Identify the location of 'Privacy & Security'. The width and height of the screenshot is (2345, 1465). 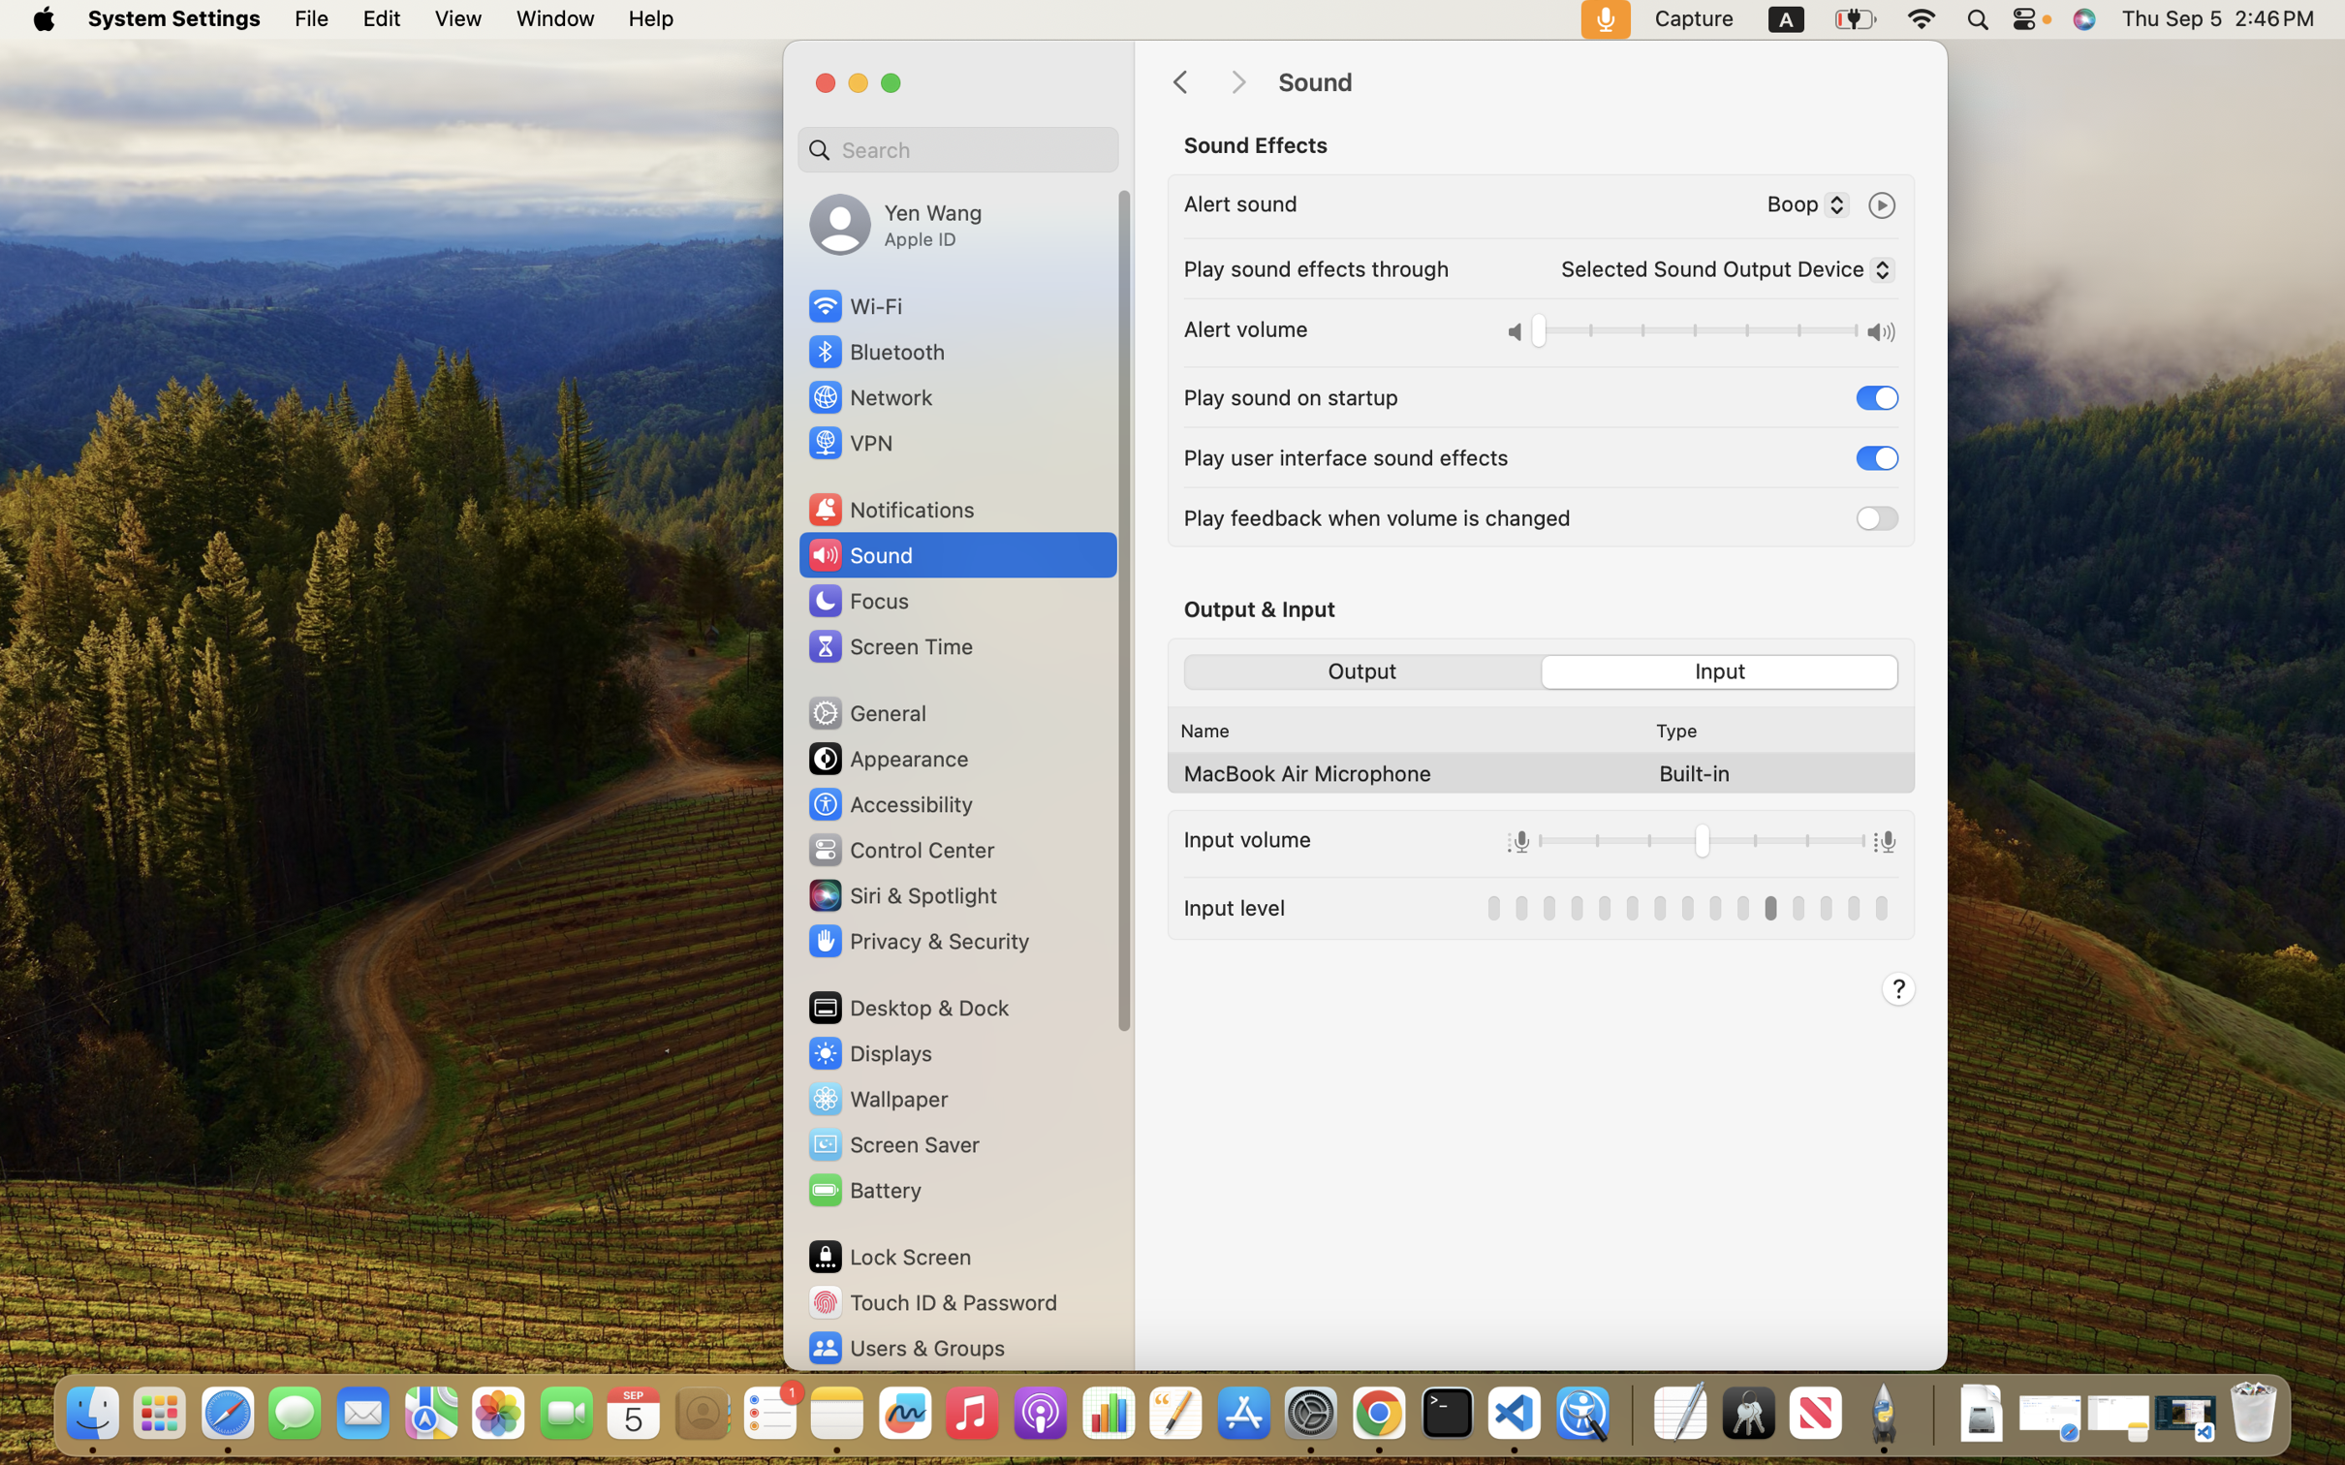
(916, 939).